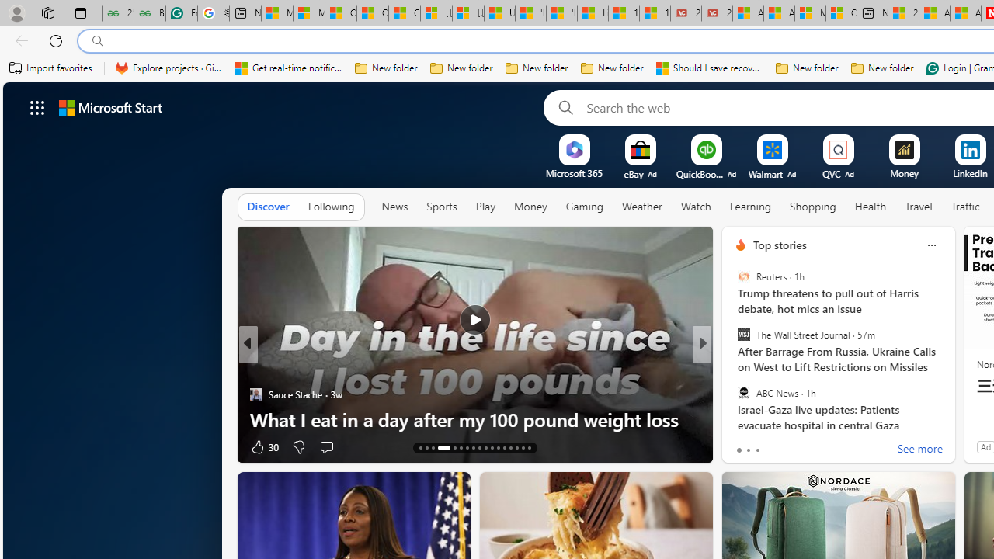  What do you see at coordinates (812, 206) in the screenshot?
I see `'Shopping'` at bounding box center [812, 206].